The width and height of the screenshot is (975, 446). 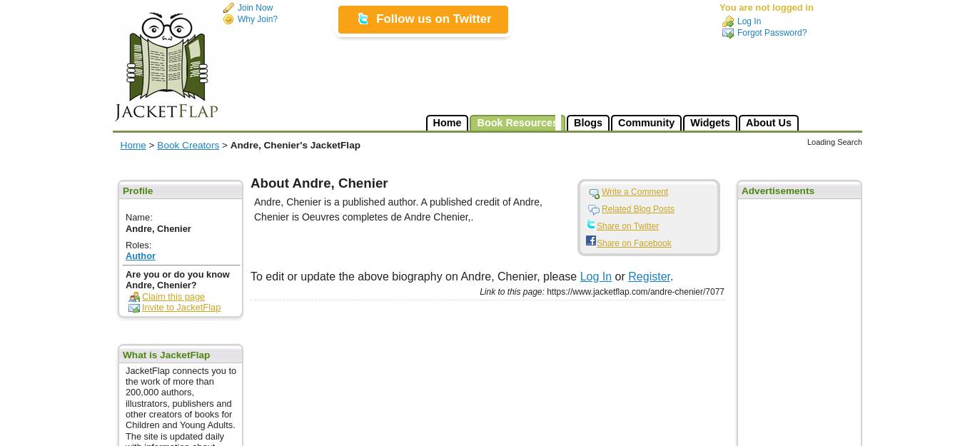 I want to click on 'You are not logged in', so click(x=765, y=6).